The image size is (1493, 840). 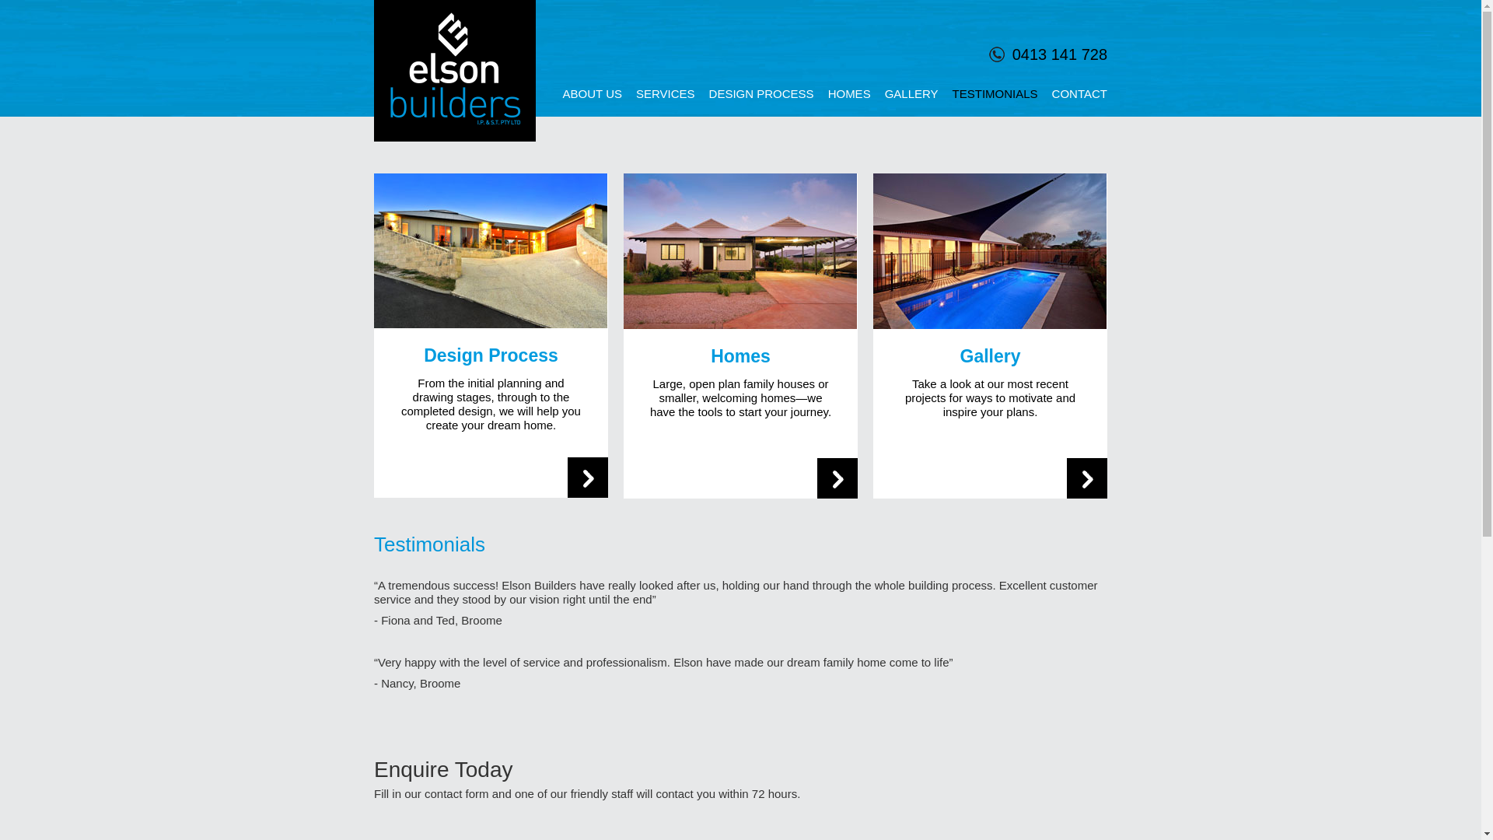 What do you see at coordinates (761, 93) in the screenshot?
I see `'DESIGN PROCESS'` at bounding box center [761, 93].